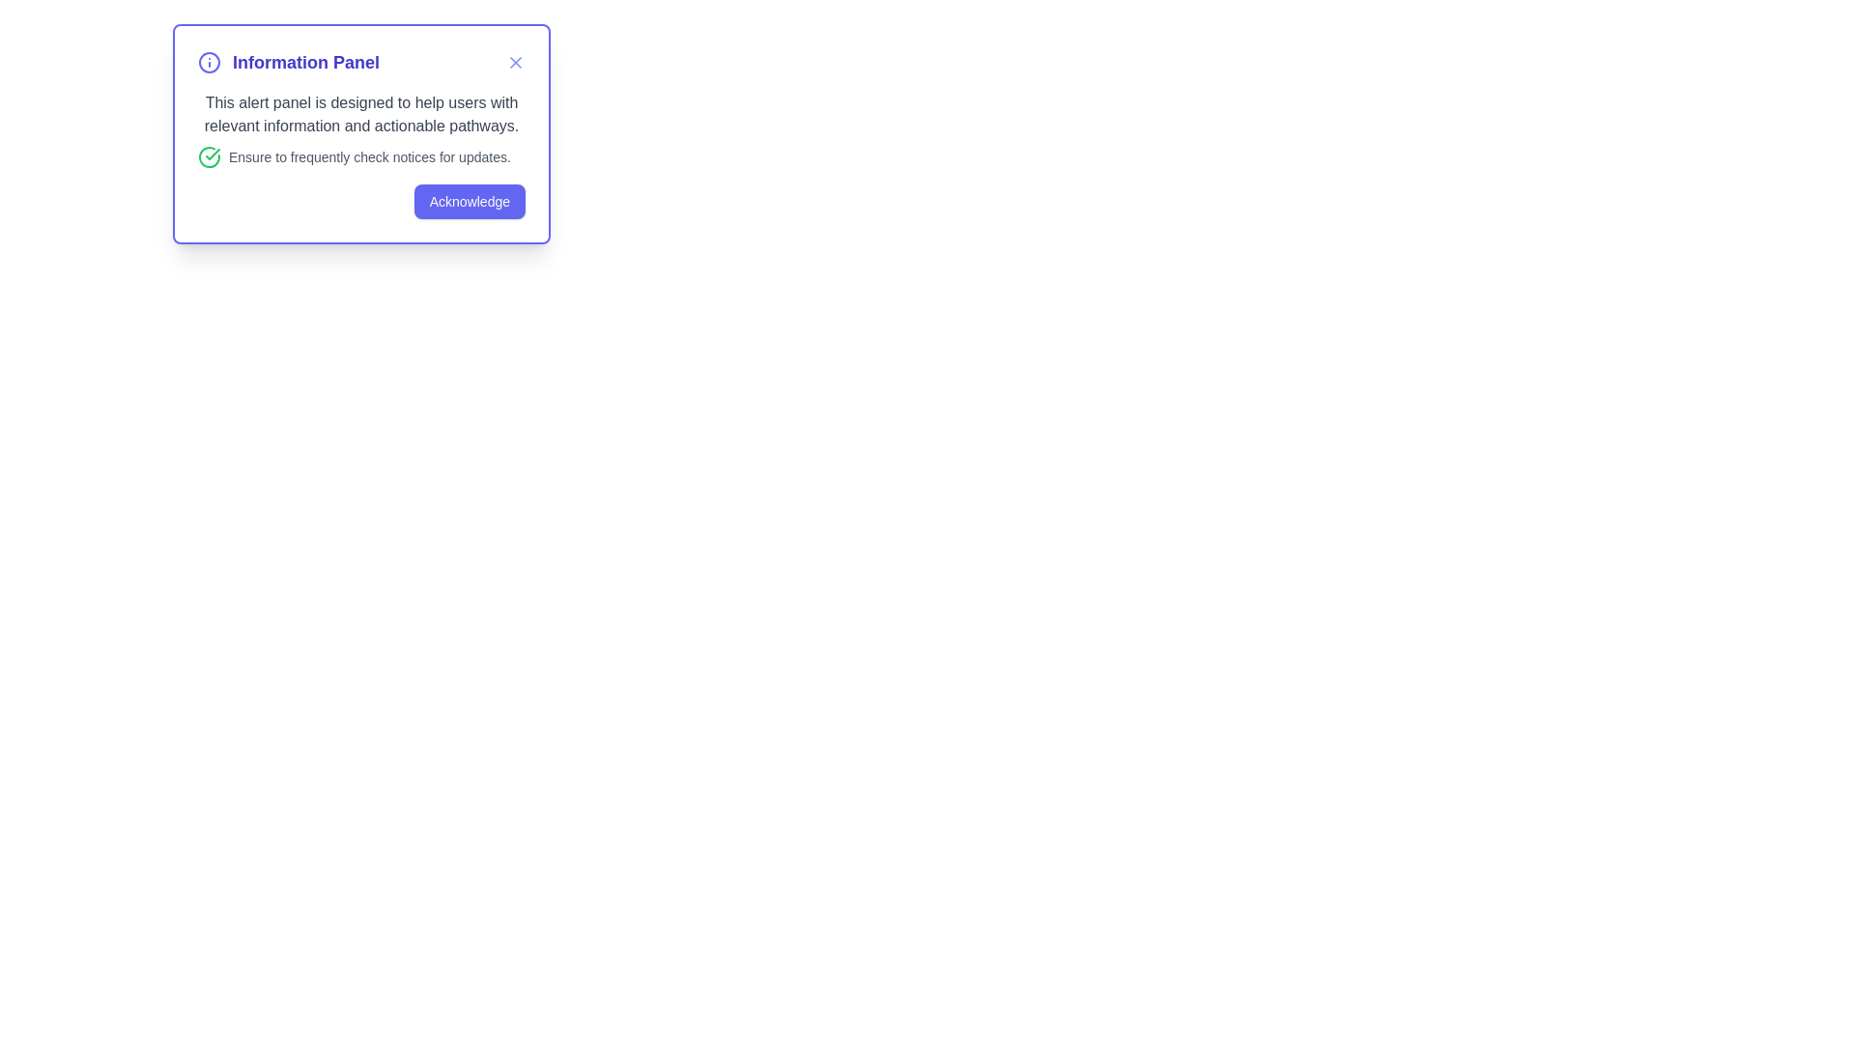 The image size is (1855, 1043). What do you see at coordinates (209, 62) in the screenshot?
I see `the decorative SVG circle element of the 'Information' icon, which is located near the top-left corner of the dialog box adjacent to the title text 'Information Panel'` at bounding box center [209, 62].